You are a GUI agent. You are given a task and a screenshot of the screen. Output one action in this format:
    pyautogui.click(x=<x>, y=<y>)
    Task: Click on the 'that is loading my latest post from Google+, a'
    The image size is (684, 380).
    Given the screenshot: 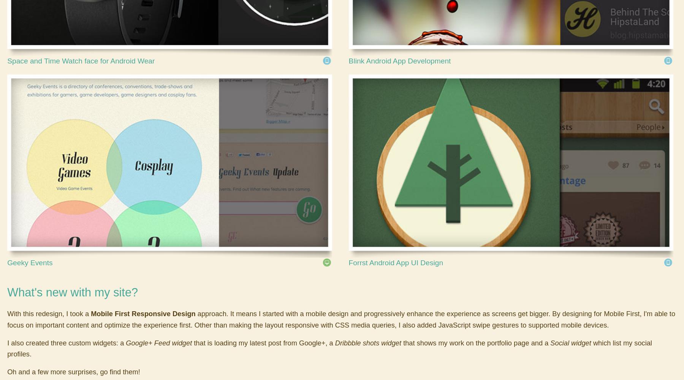 What is the action you would take?
    pyautogui.click(x=263, y=342)
    